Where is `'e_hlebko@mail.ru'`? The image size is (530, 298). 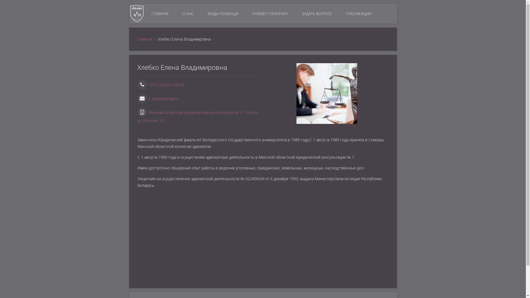
'e_hlebko@mail.ru' is located at coordinates (157, 98).